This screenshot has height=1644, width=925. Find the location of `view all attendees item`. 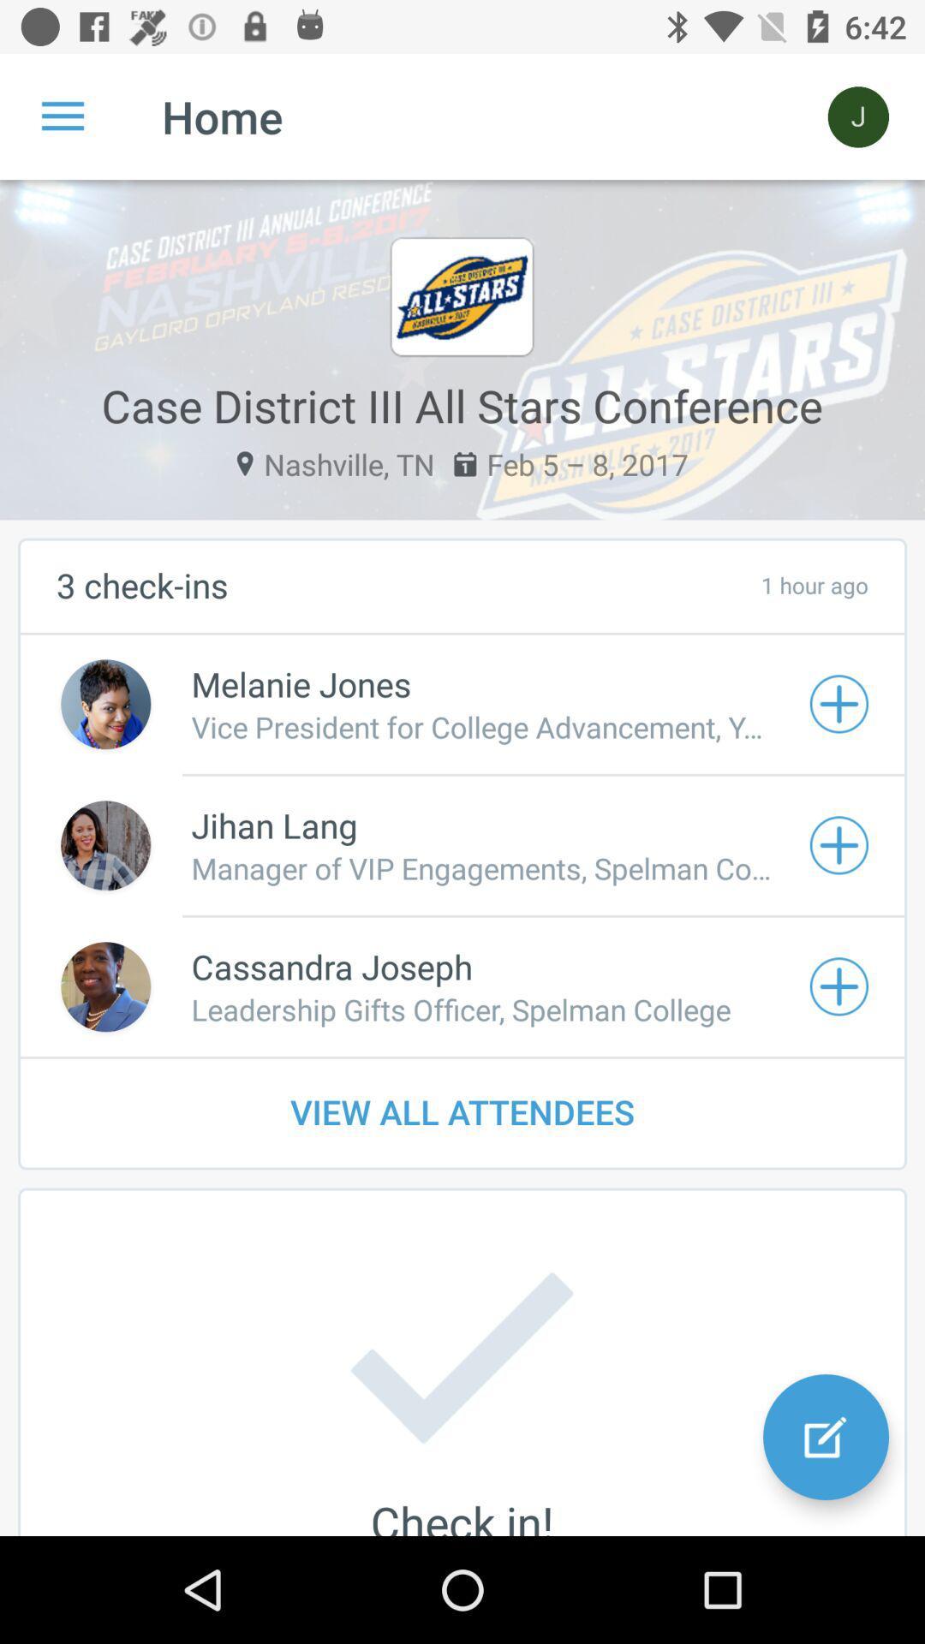

view all attendees item is located at coordinates (462, 1111).